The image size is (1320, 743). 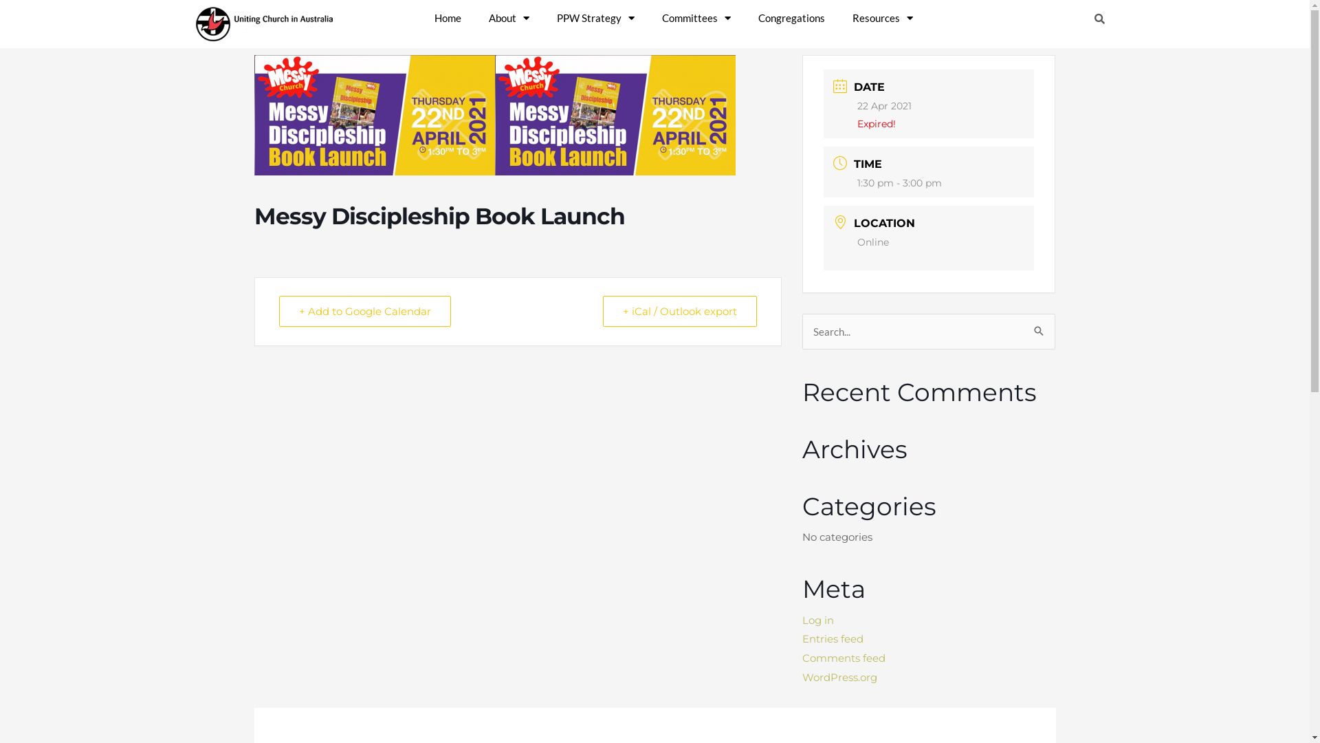 I want to click on 'Search', so click(x=1033, y=326).